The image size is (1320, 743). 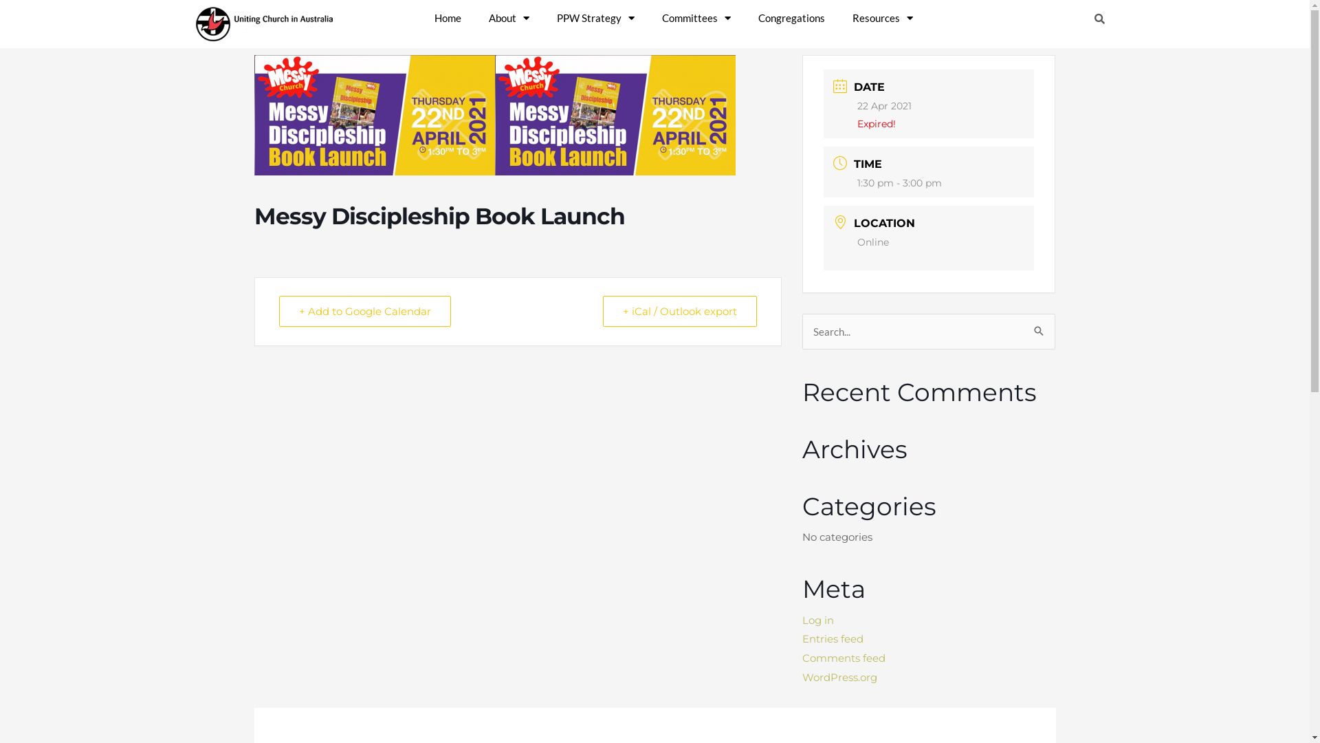 I want to click on 'Search', so click(x=1033, y=326).